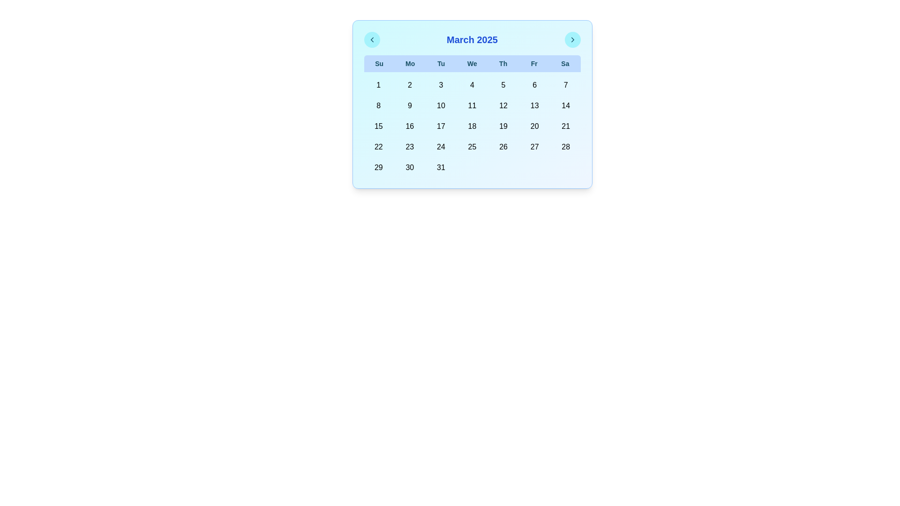 Image resolution: width=900 pixels, height=506 pixels. What do you see at coordinates (472, 85) in the screenshot?
I see `the button labeled '4' in the calendar grid, located in the first row and fourth column under 'We'` at bounding box center [472, 85].